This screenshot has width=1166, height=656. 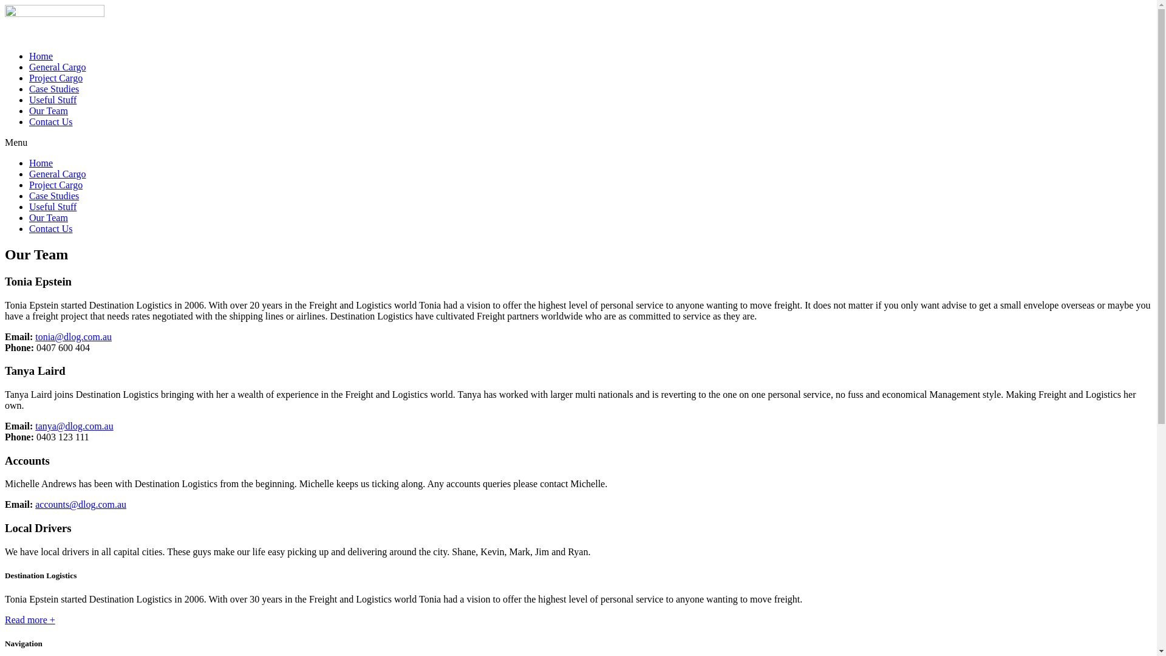 What do you see at coordinates (29, 174) in the screenshot?
I see `'General Cargo'` at bounding box center [29, 174].